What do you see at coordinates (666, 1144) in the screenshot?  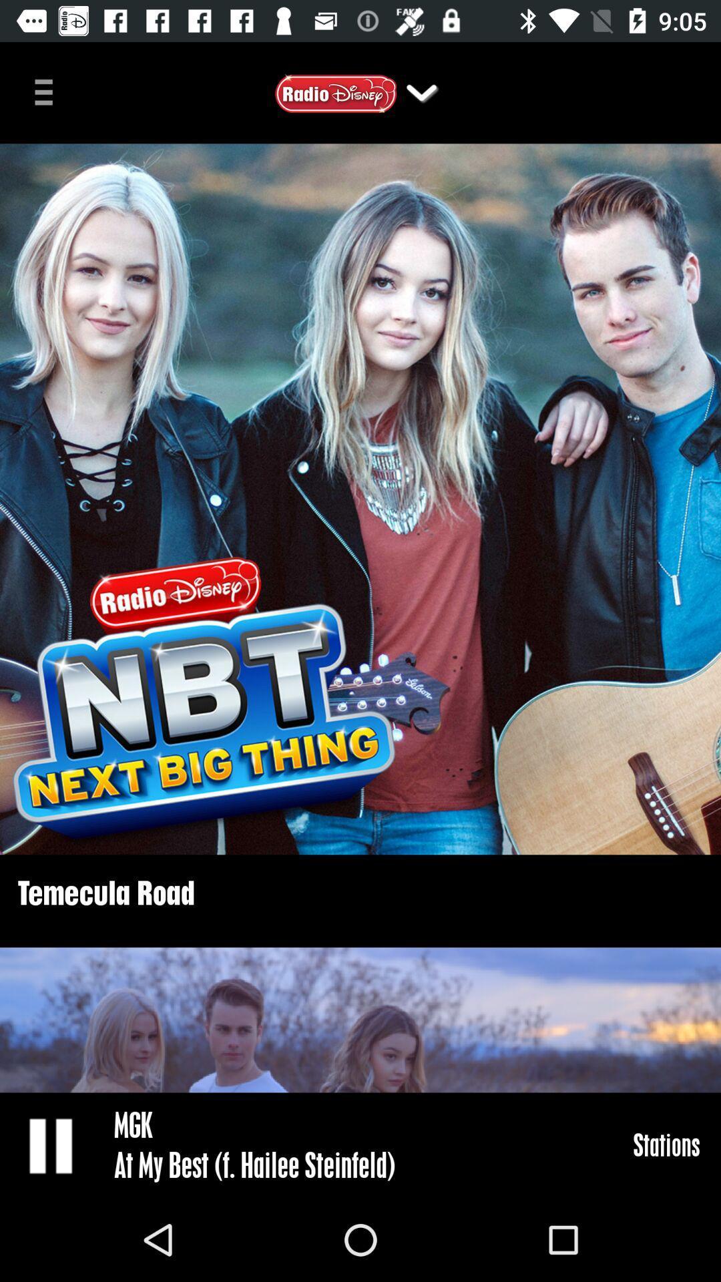 I see `the stations at the bottom right corner` at bounding box center [666, 1144].